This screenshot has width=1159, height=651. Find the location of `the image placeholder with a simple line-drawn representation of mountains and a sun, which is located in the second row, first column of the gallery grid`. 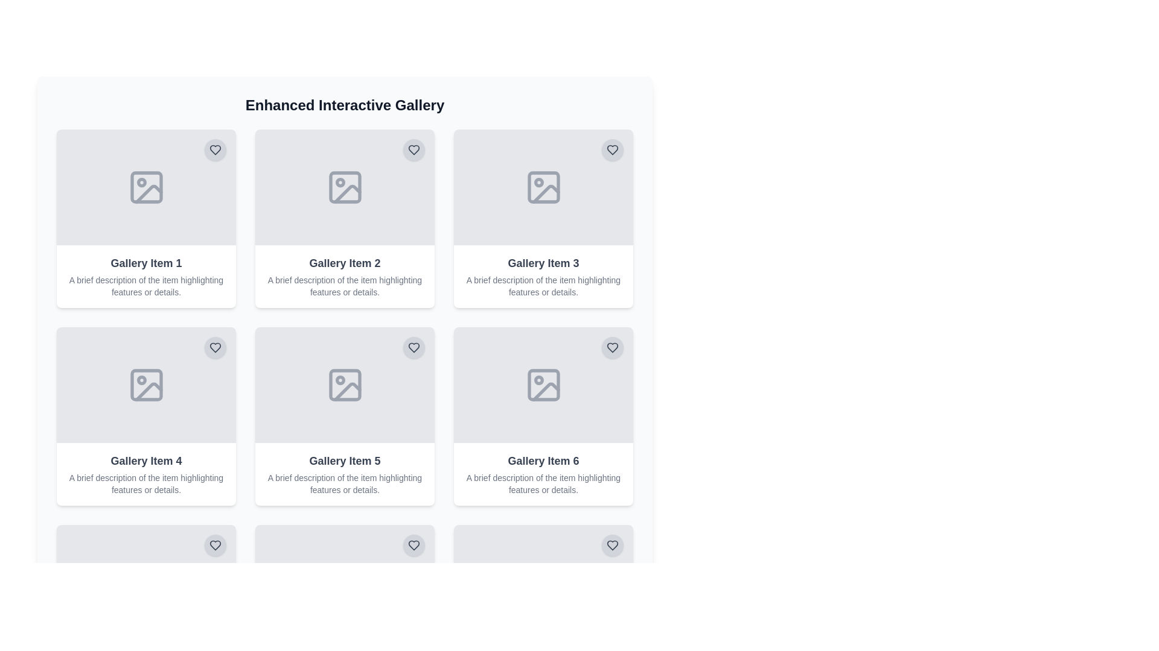

the image placeholder with a simple line-drawn representation of mountains and a sun, which is located in the second row, first column of the gallery grid is located at coordinates (145, 385).